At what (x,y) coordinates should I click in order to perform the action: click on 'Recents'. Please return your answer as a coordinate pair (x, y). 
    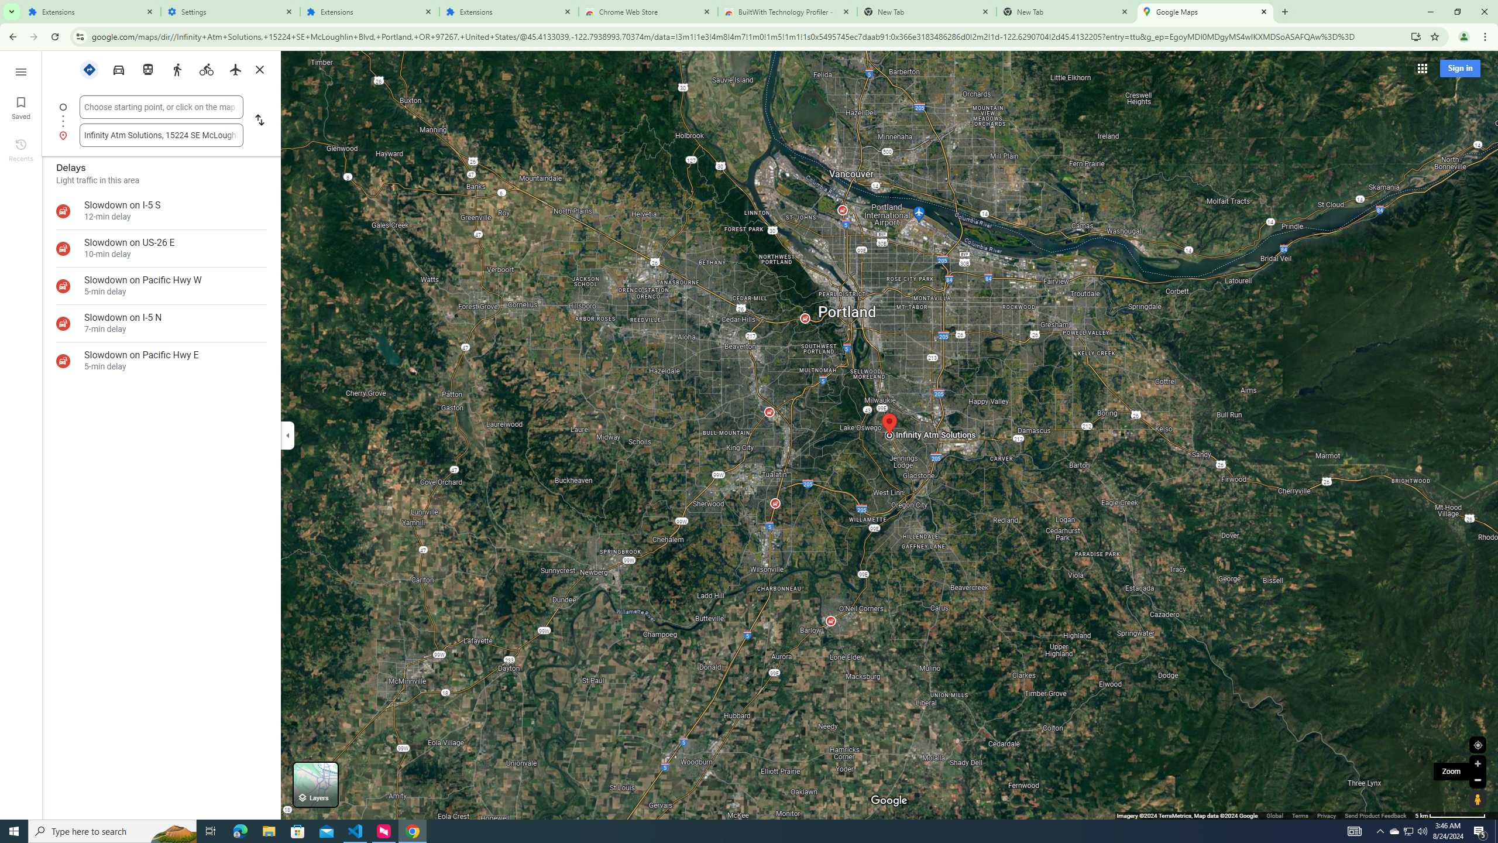
    Looking at the image, I should click on (20, 149).